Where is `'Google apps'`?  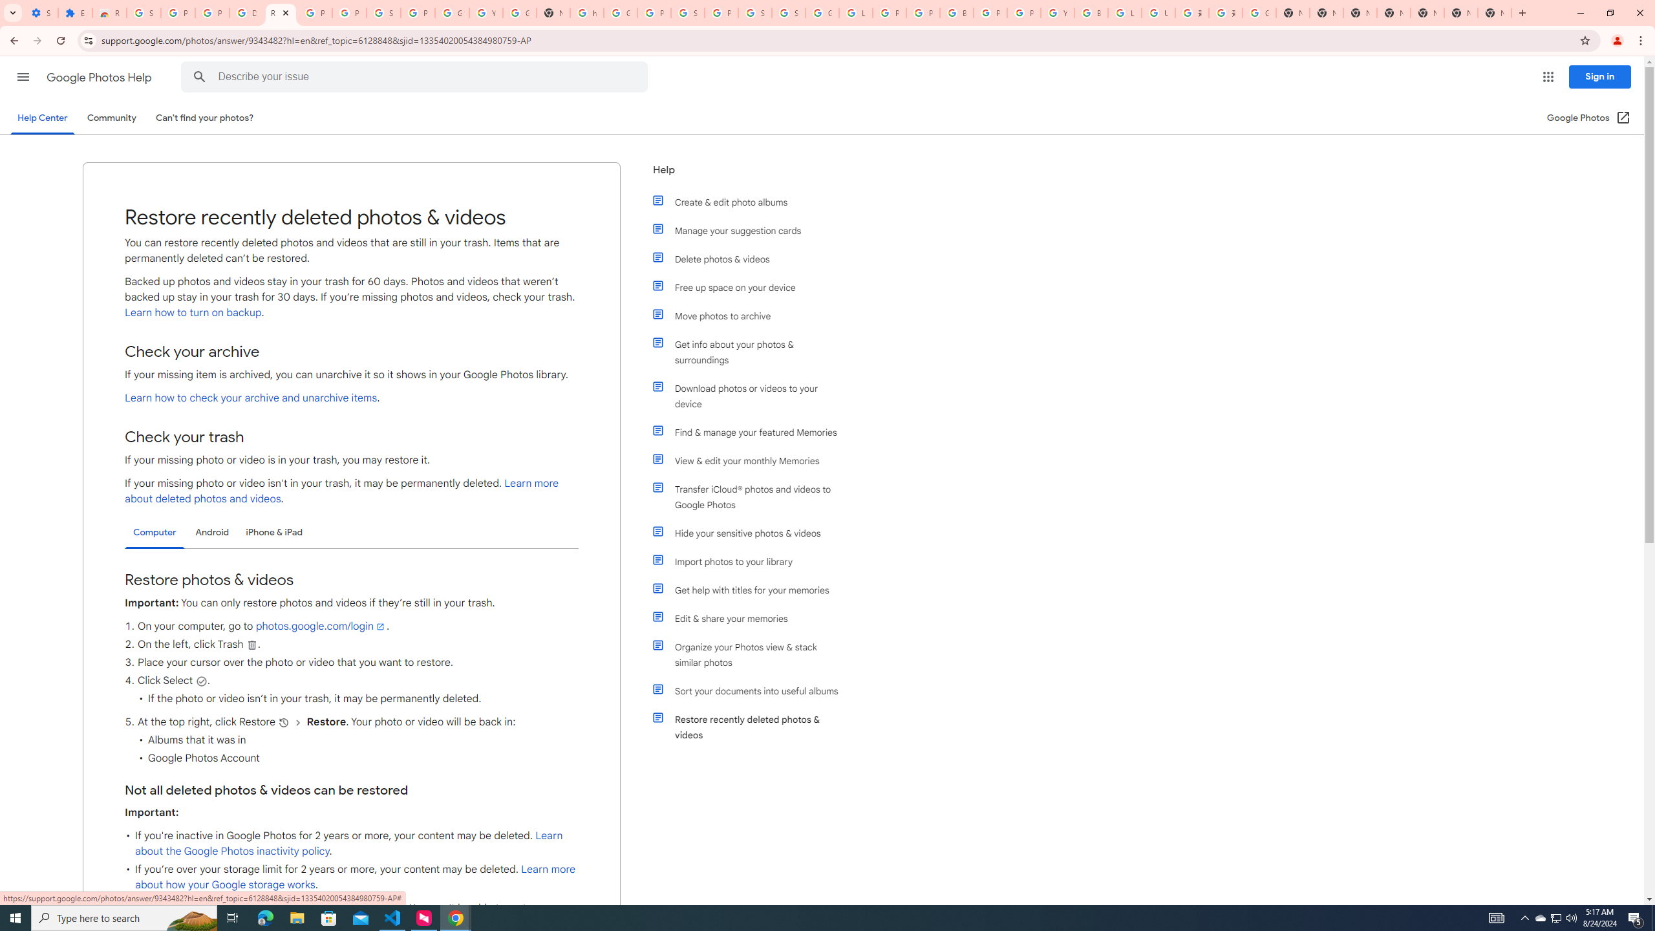 'Google apps' is located at coordinates (1547, 76).